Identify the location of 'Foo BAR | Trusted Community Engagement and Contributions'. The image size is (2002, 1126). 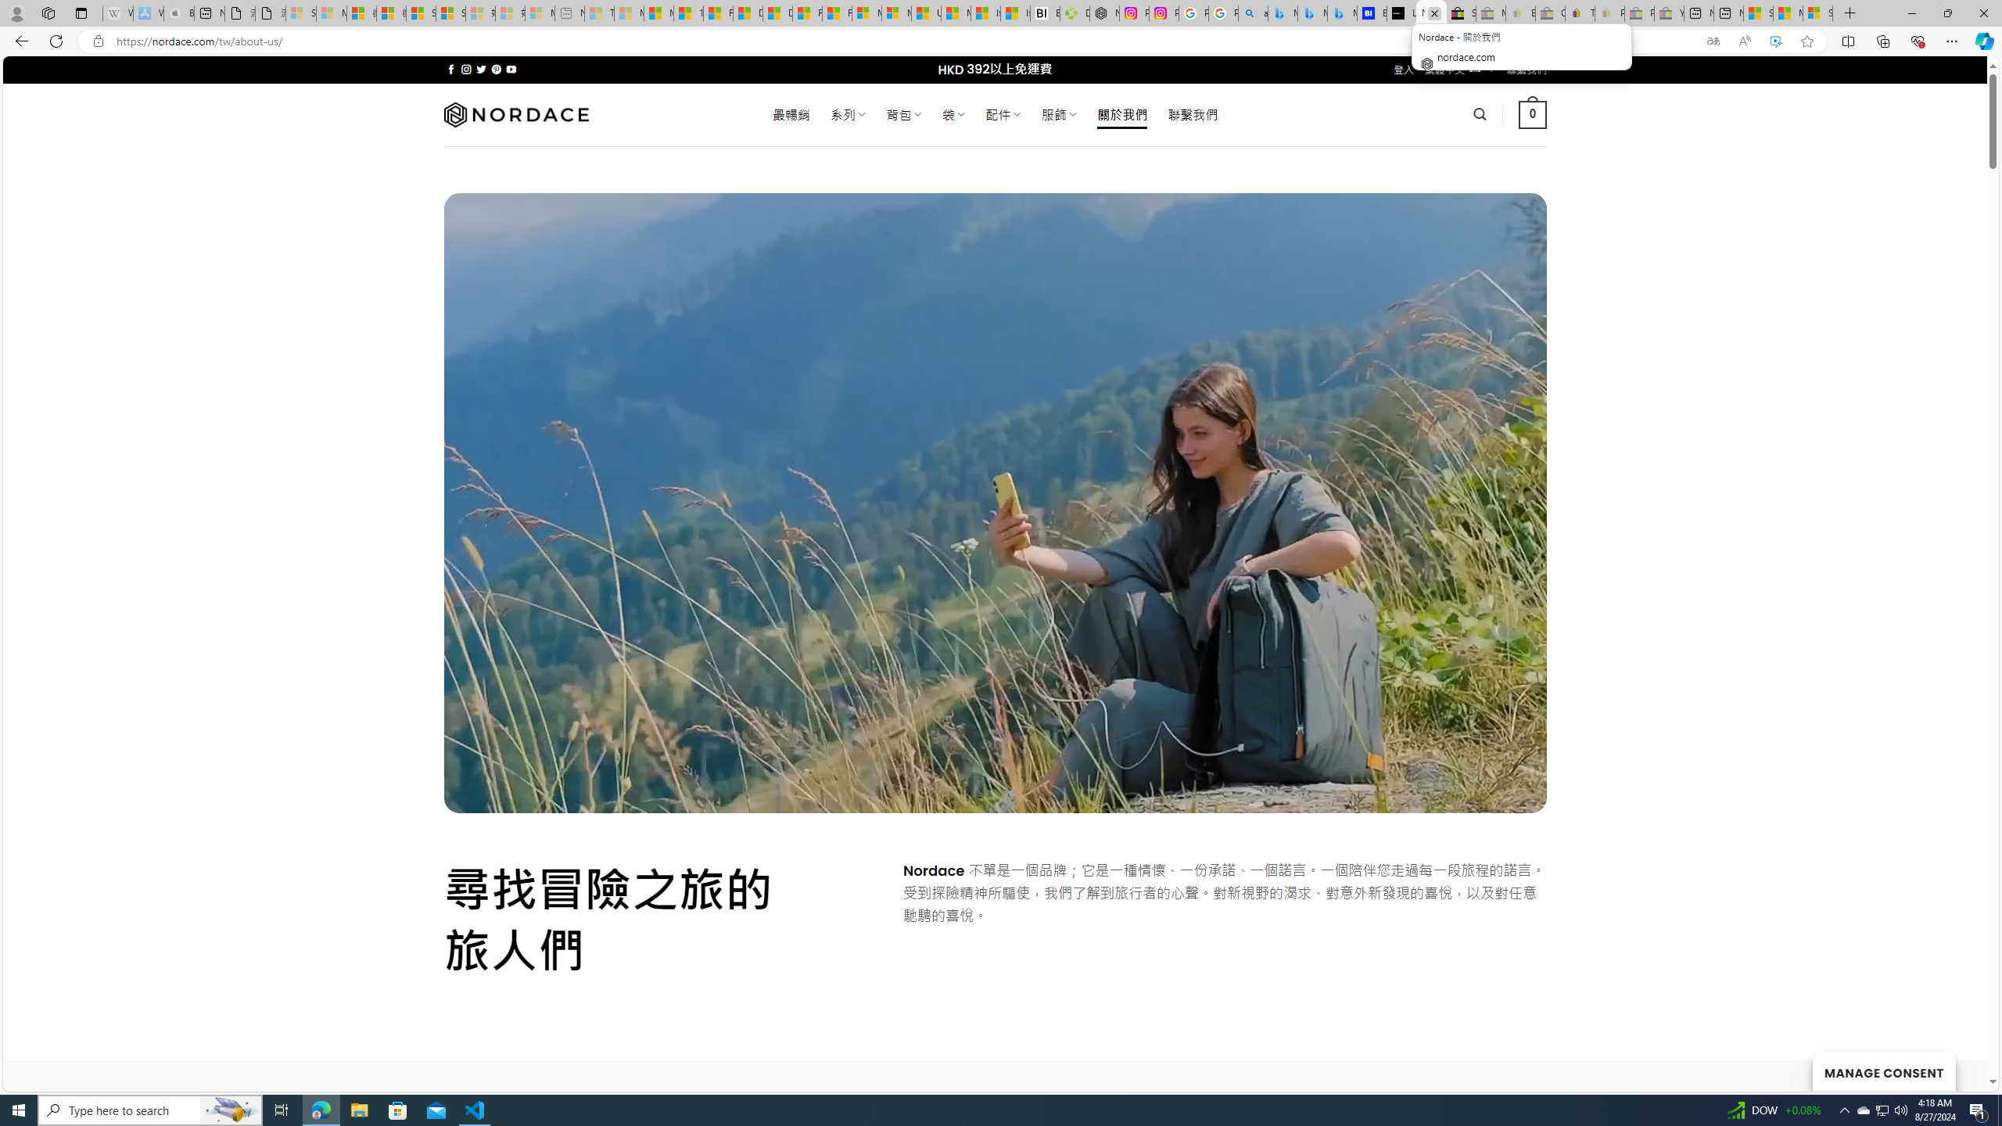
(836, 13).